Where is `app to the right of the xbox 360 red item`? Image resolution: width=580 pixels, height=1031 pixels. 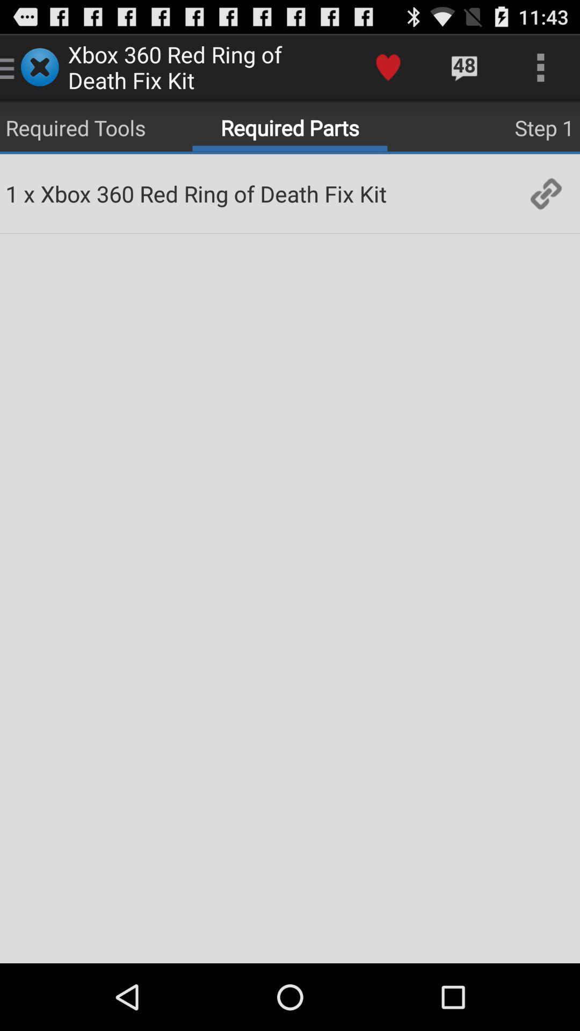 app to the right of the xbox 360 red item is located at coordinates (388, 67).